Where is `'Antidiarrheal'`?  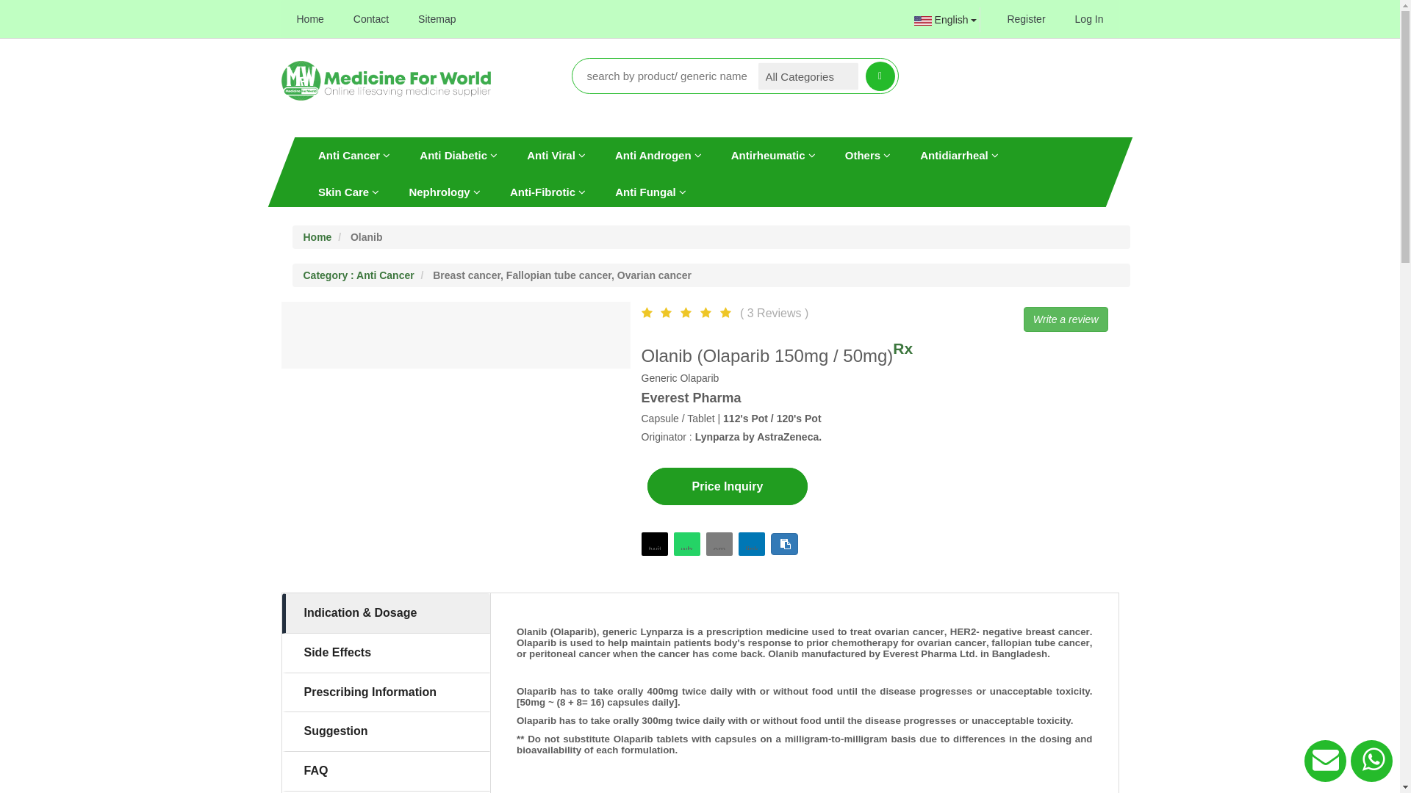
'Antidiarrheal' is located at coordinates (959, 155).